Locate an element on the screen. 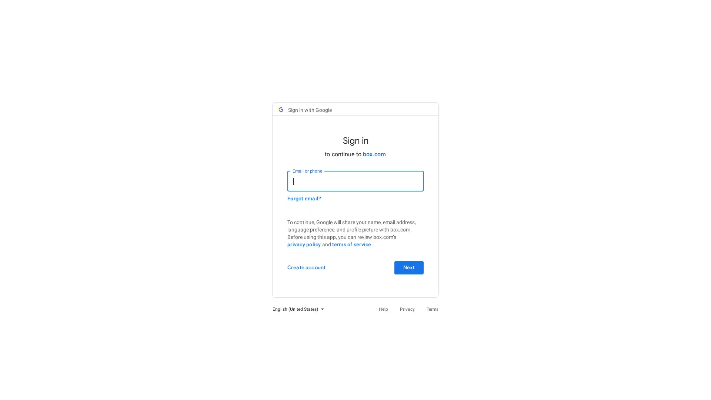 This screenshot has height=400, width=711. Create account is located at coordinates (306, 267).